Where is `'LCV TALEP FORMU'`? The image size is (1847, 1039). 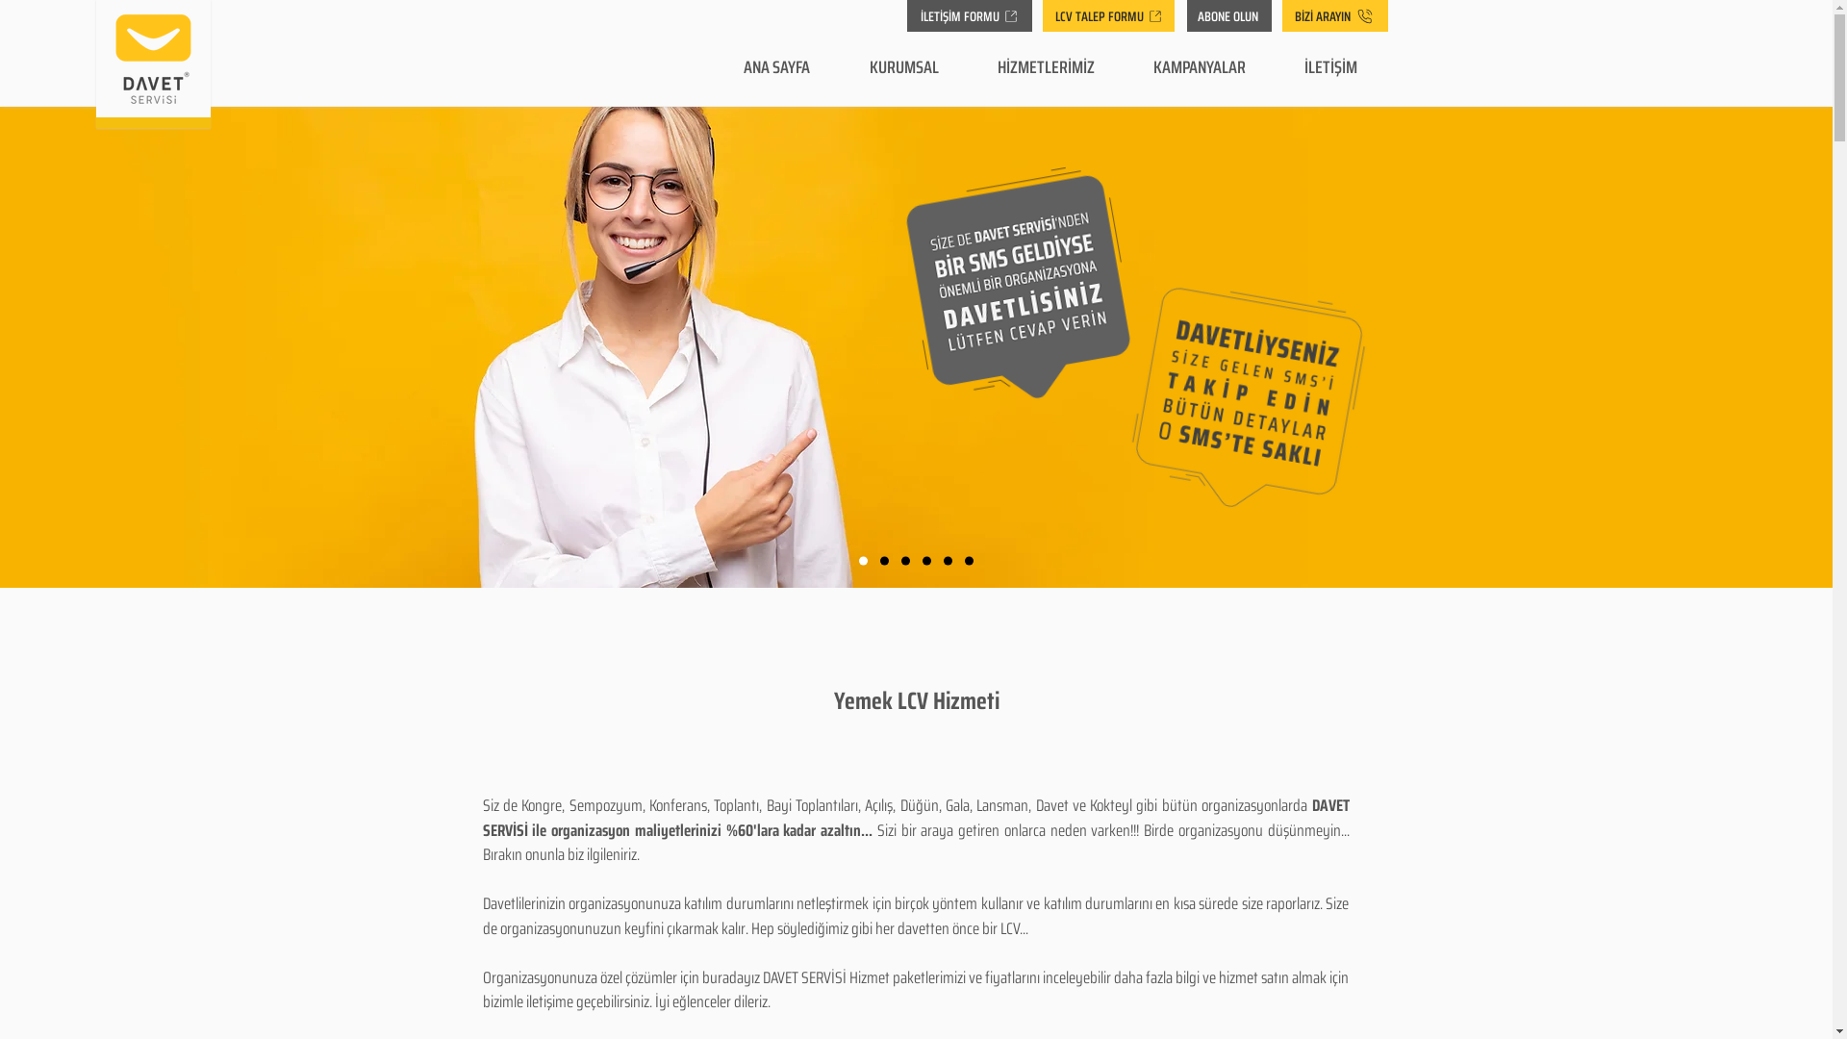 'LCV TALEP FORMU' is located at coordinates (1108, 15).